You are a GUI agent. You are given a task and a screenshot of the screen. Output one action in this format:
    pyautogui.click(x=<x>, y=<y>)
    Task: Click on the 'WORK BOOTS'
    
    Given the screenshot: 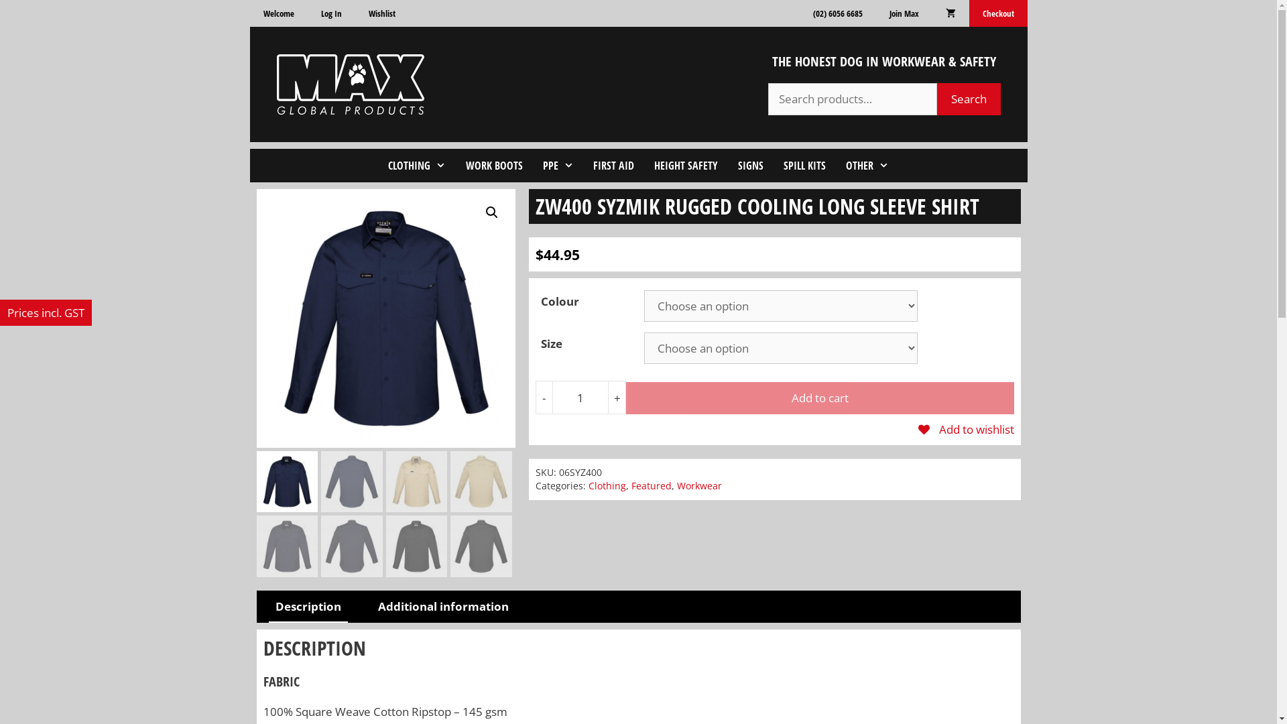 What is the action you would take?
    pyautogui.click(x=493, y=164)
    